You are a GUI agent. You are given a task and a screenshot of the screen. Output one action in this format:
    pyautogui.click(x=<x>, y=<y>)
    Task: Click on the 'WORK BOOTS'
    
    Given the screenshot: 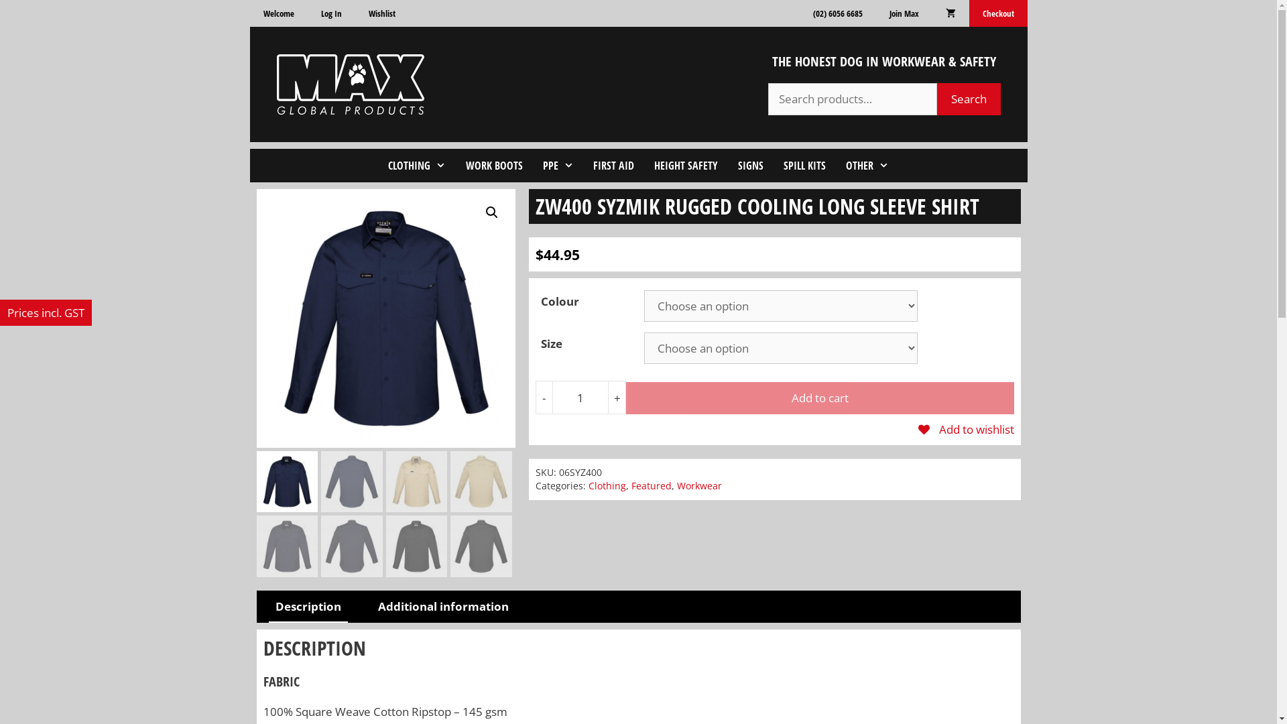 What is the action you would take?
    pyautogui.click(x=493, y=164)
    